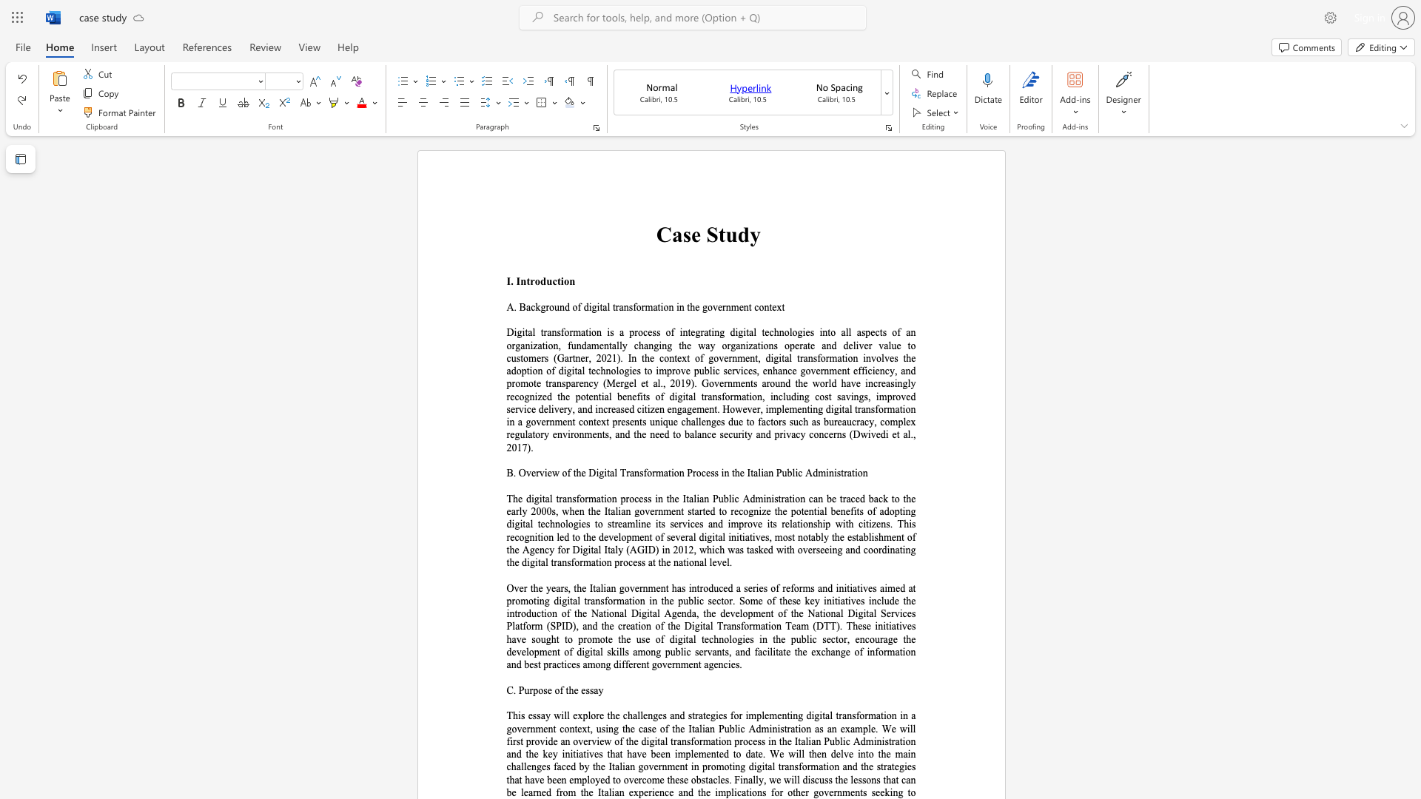  Describe the element at coordinates (760, 651) in the screenshot. I see `the 3th character "a" in the text` at that location.